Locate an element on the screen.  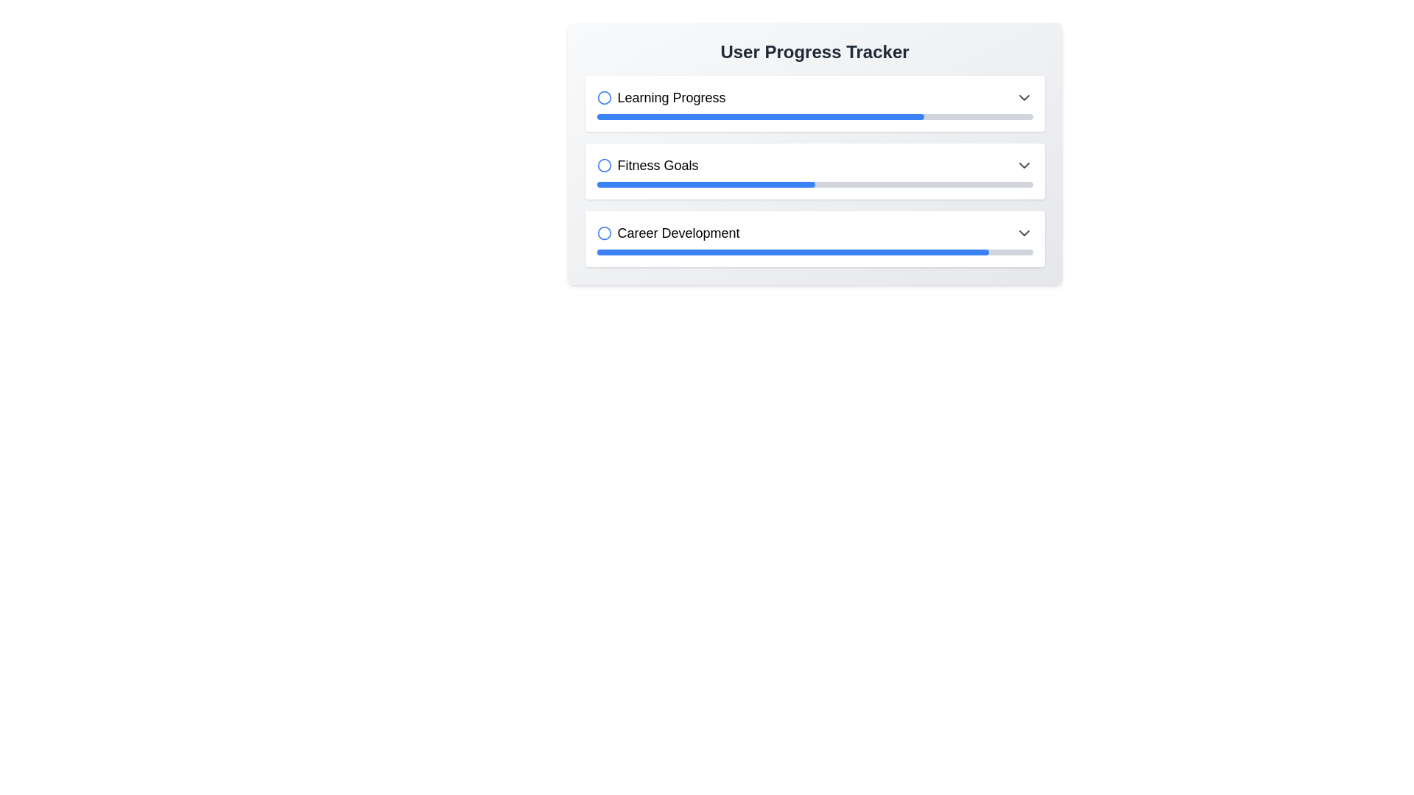
the 'Fitness Goals' text label, which serves as a descriptive label for the corresponding progress bar, located centrally between 'Learning Progress' and 'Career Development' is located at coordinates (647, 165).